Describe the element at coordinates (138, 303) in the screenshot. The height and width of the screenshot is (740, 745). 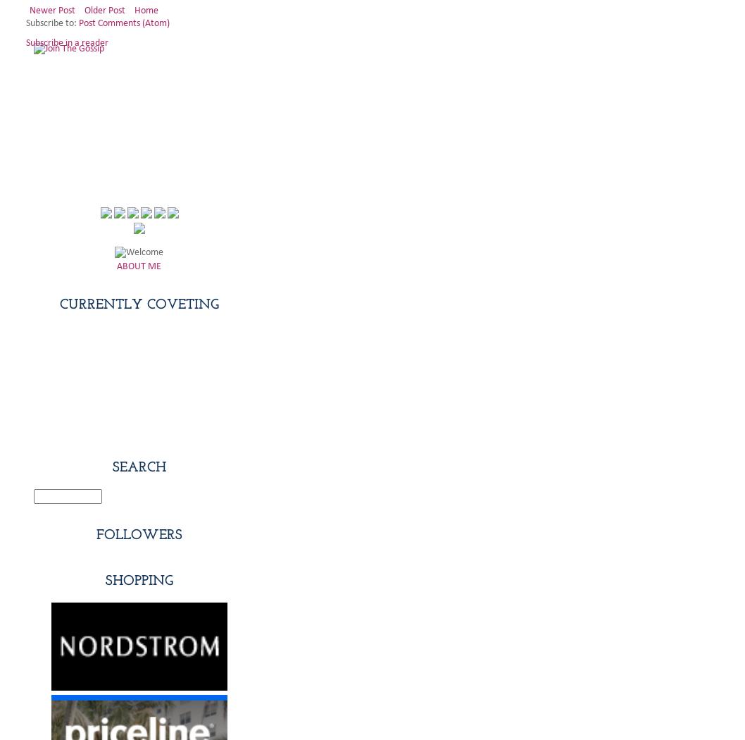
I see `'Currently Coveting'` at that location.